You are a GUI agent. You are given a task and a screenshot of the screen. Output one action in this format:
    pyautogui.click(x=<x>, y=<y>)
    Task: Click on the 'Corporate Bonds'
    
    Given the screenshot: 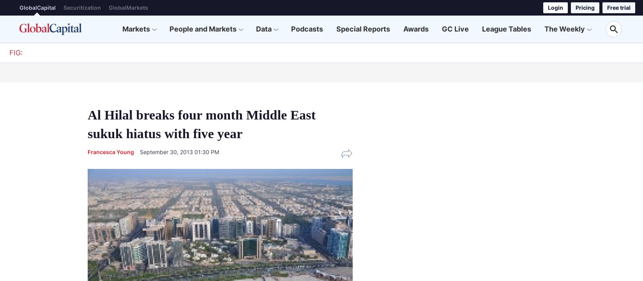 What is the action you would take?
    pyautogui.click(x=163, y=107)
    